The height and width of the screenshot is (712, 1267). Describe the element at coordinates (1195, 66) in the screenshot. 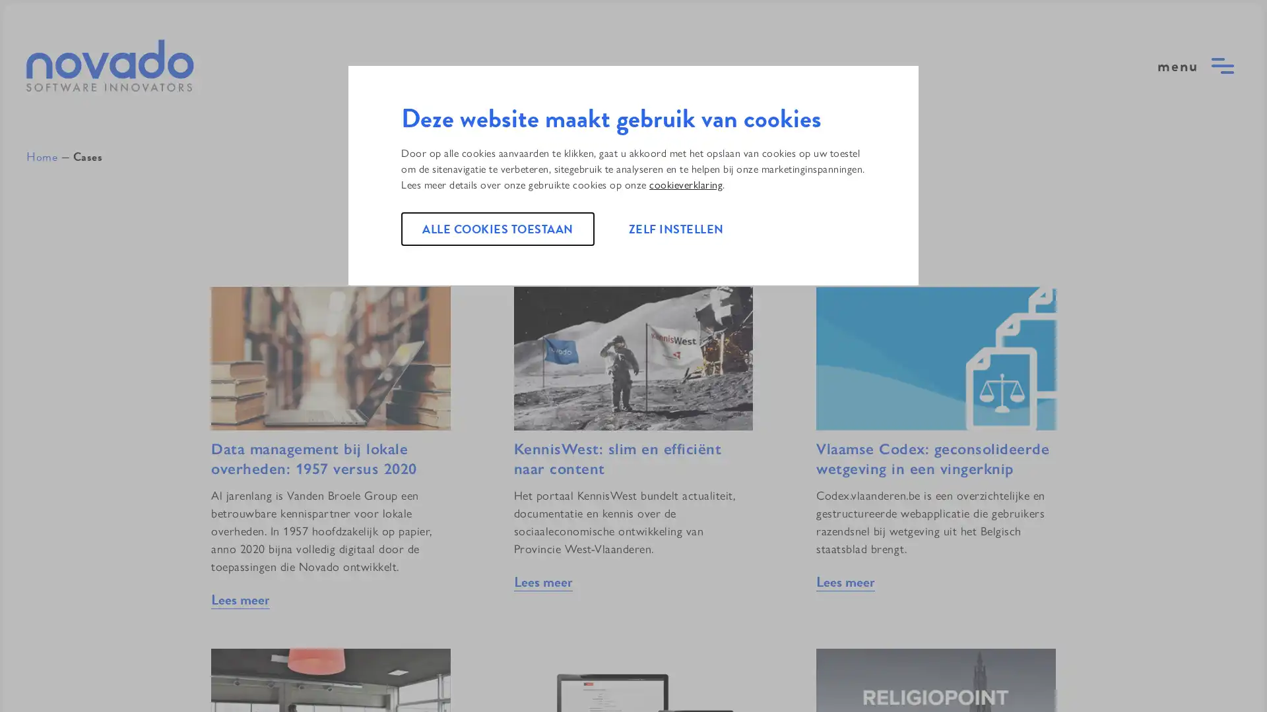

I see `open menu` at that location.